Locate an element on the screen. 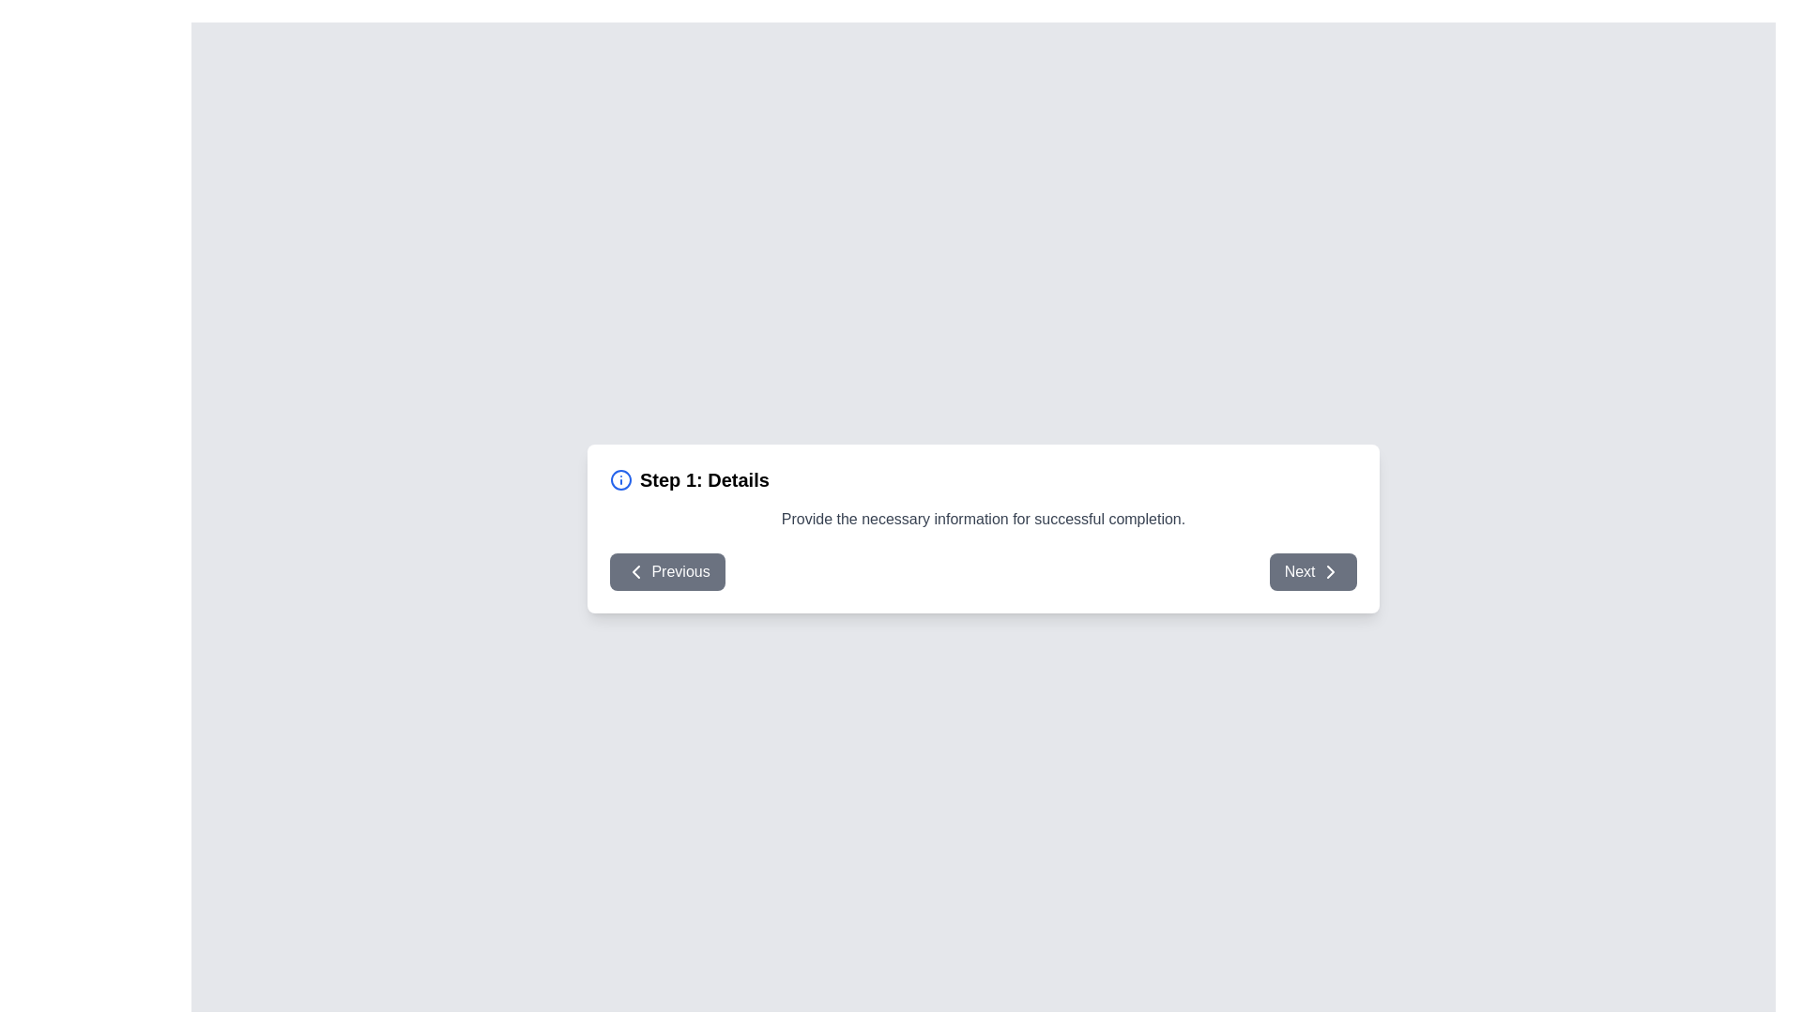 This screenshot has width=1802, height=1013. the 'Previous' button located at the bottom-left corner of the card layout is located at coordinates (667, 570).